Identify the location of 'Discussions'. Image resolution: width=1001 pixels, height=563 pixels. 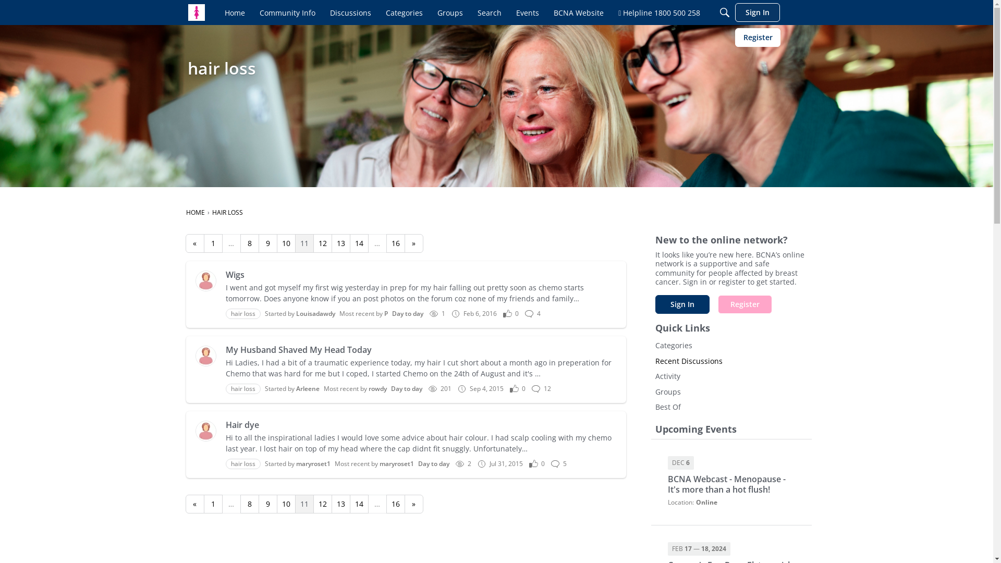
(325, 12).